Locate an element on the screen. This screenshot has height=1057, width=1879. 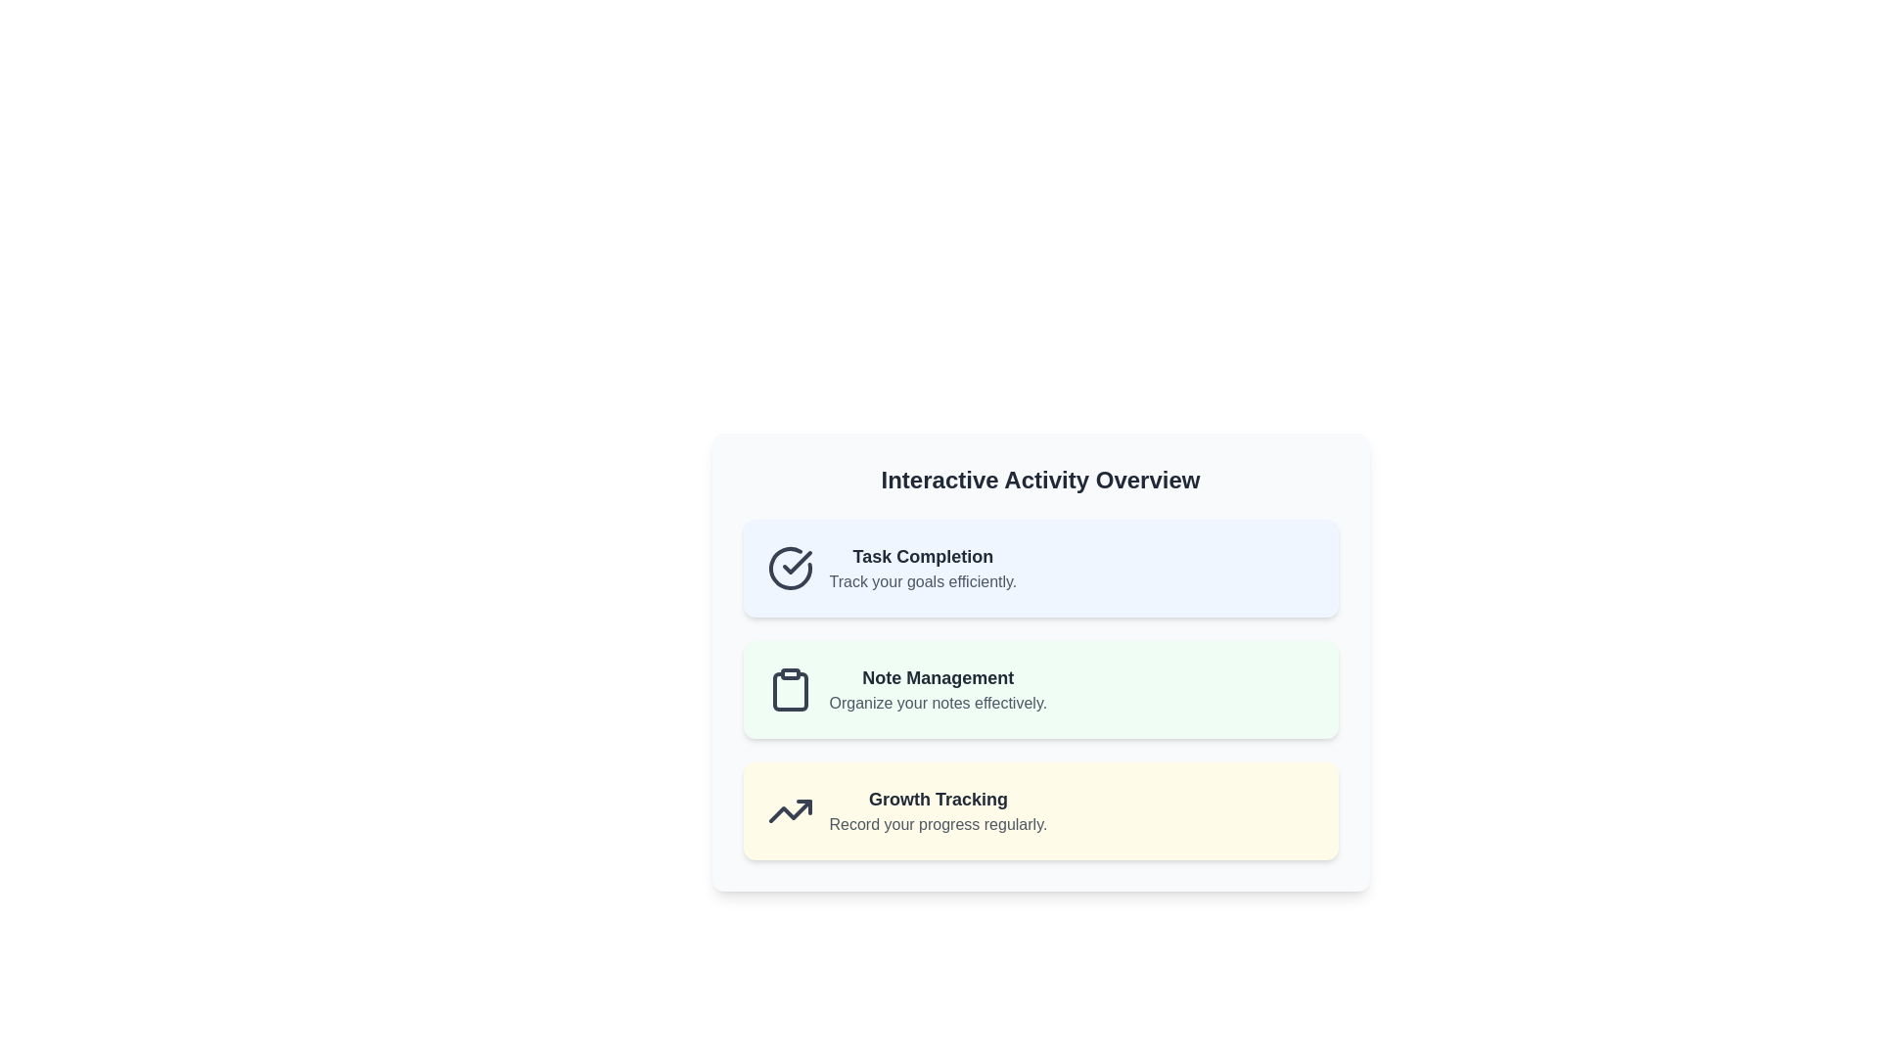
the icon containing the upward arrow accent located in the bottommost section titled 'Growth Tracking' to initiate interaction is located at coordinates (803, 807).